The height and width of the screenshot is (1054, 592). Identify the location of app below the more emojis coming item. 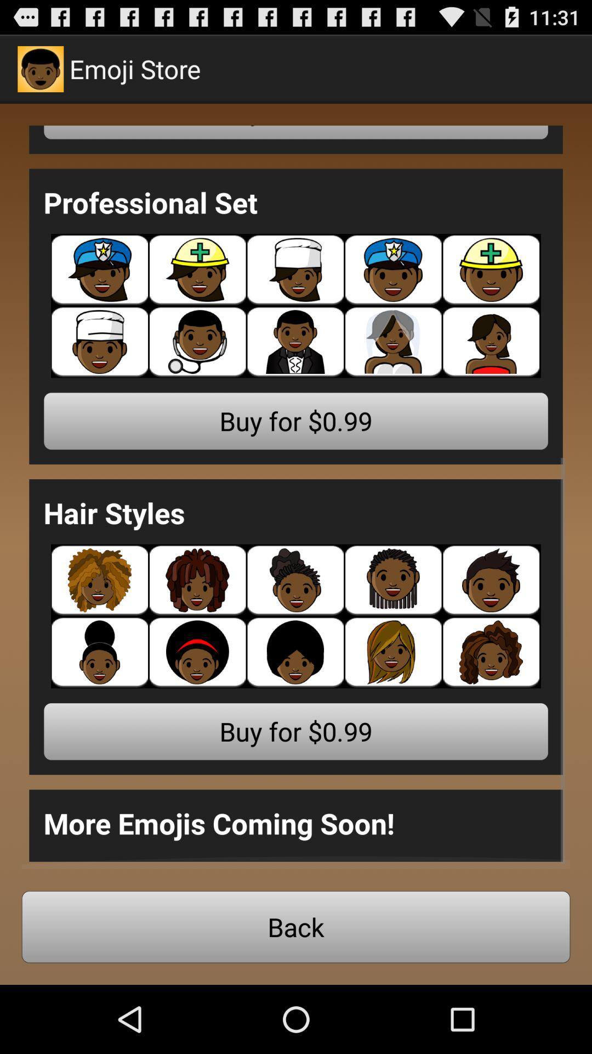
(296, 926).